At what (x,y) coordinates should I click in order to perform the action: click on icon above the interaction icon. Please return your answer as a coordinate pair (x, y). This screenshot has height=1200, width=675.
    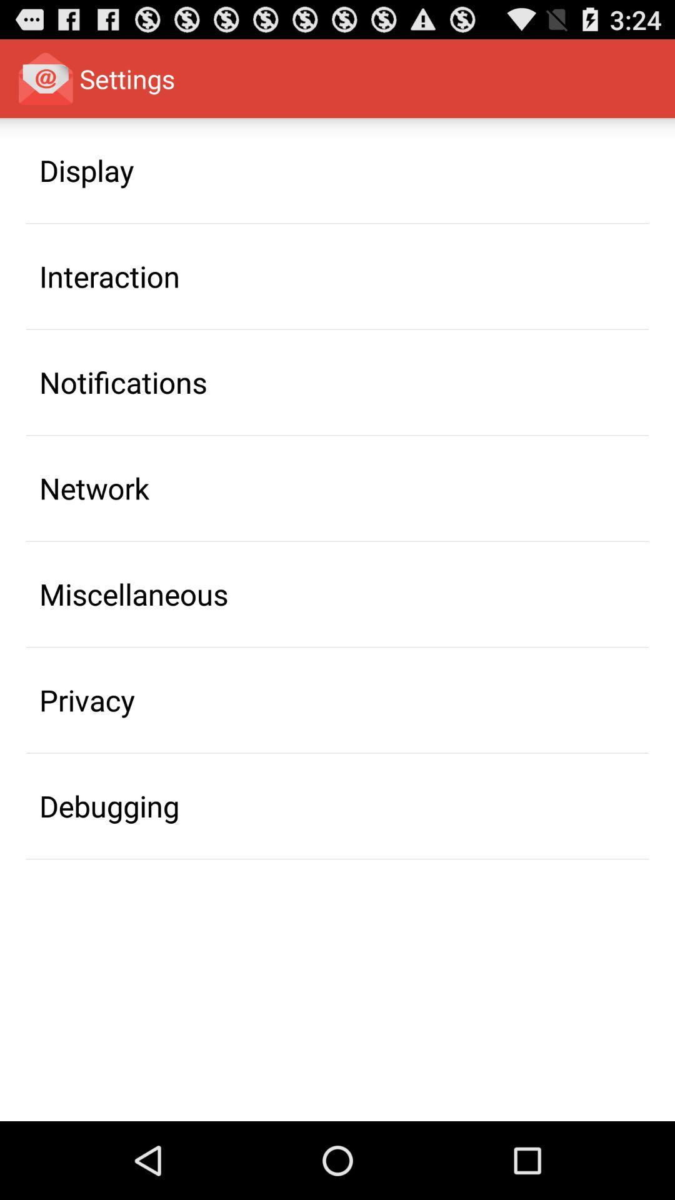
    Looking at the image, I should click on (86, 169).